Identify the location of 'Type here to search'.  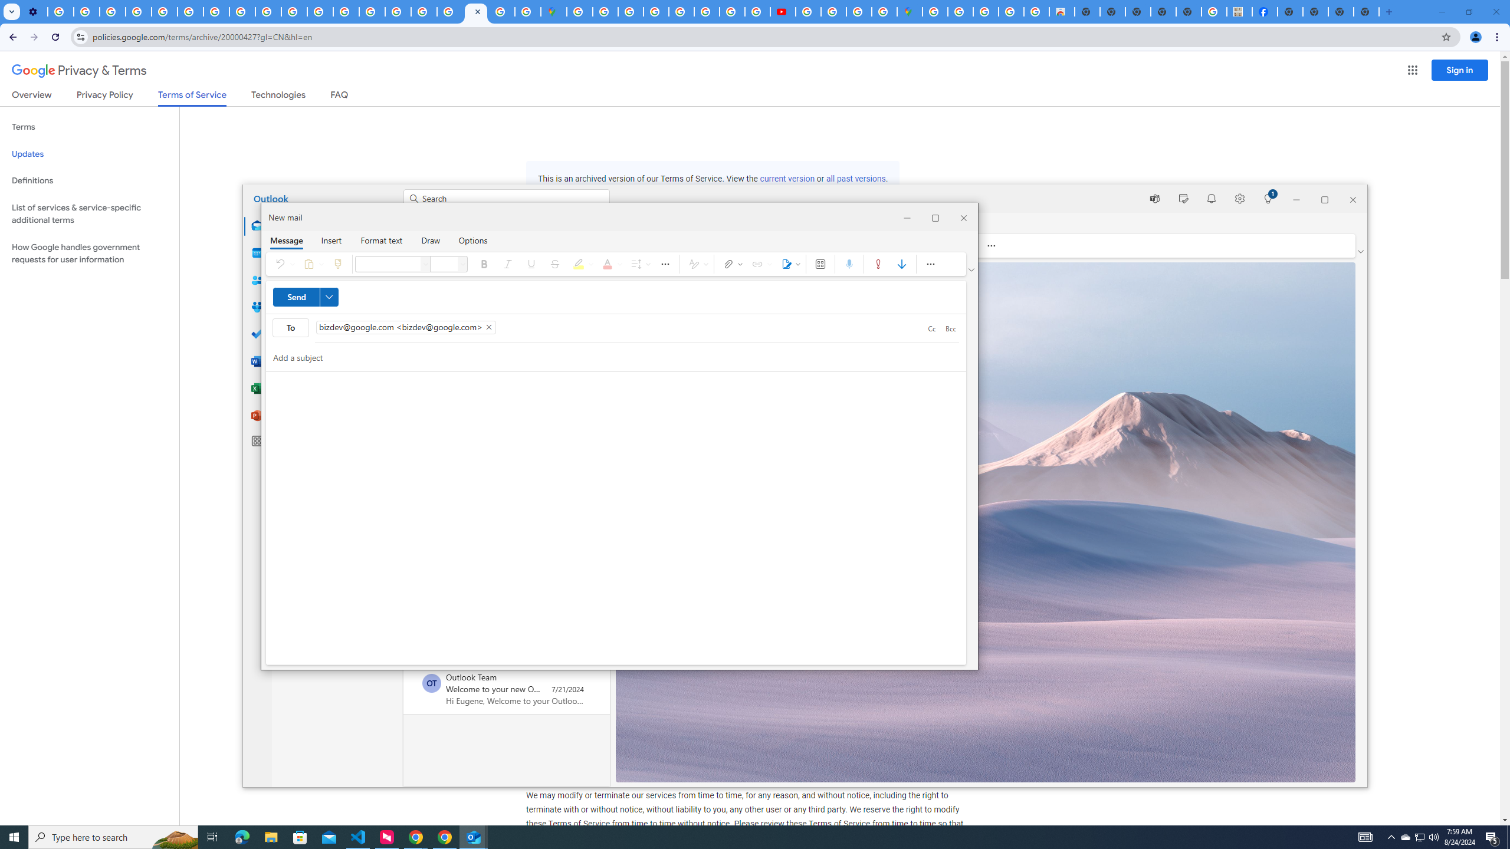
(113, 836).